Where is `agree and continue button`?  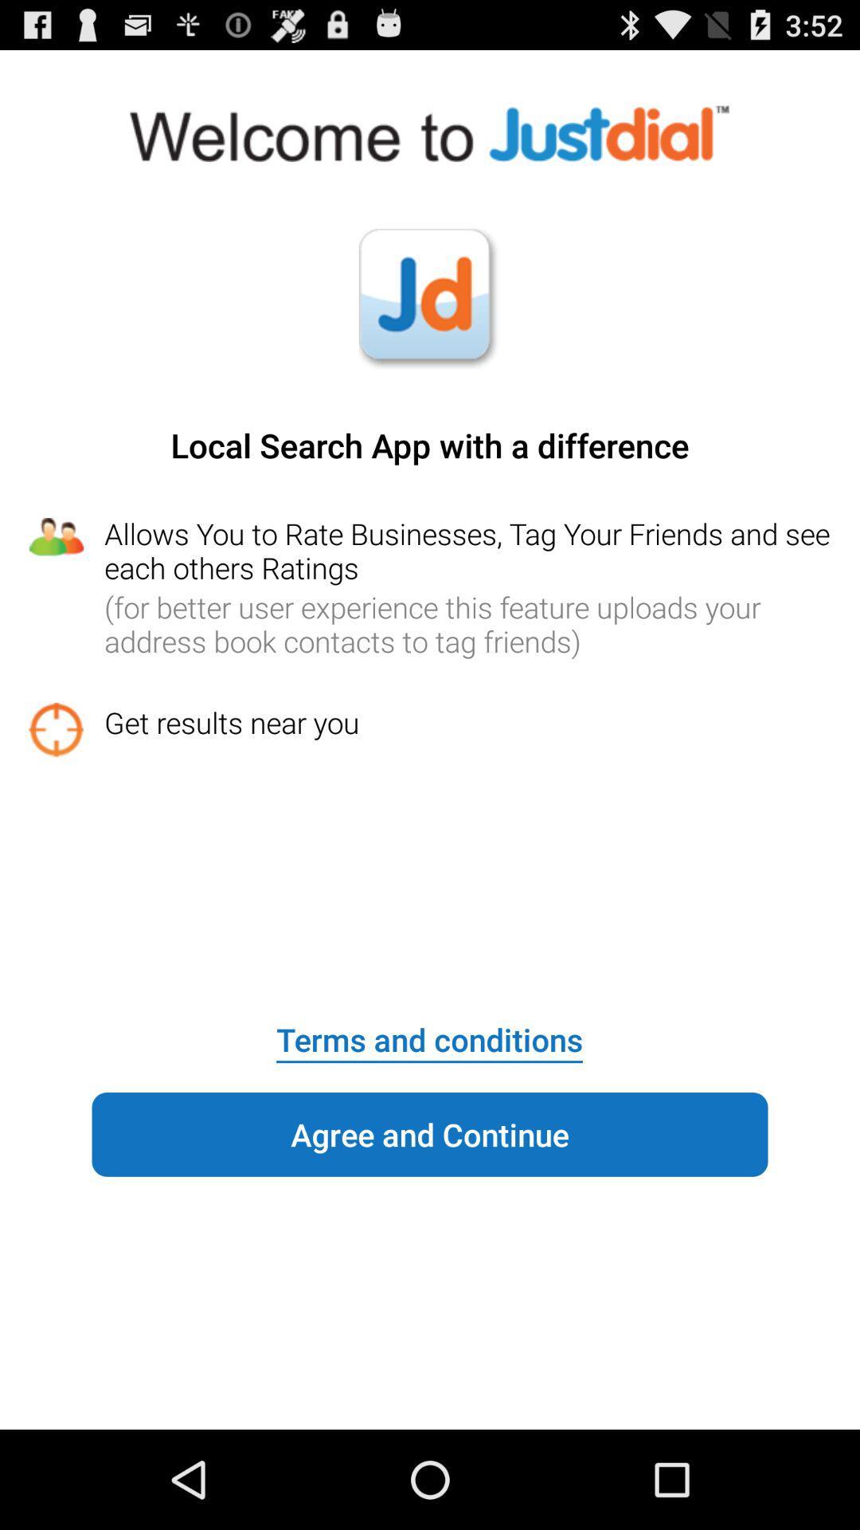
agree and continue button is located at coordinates (430, 1133).